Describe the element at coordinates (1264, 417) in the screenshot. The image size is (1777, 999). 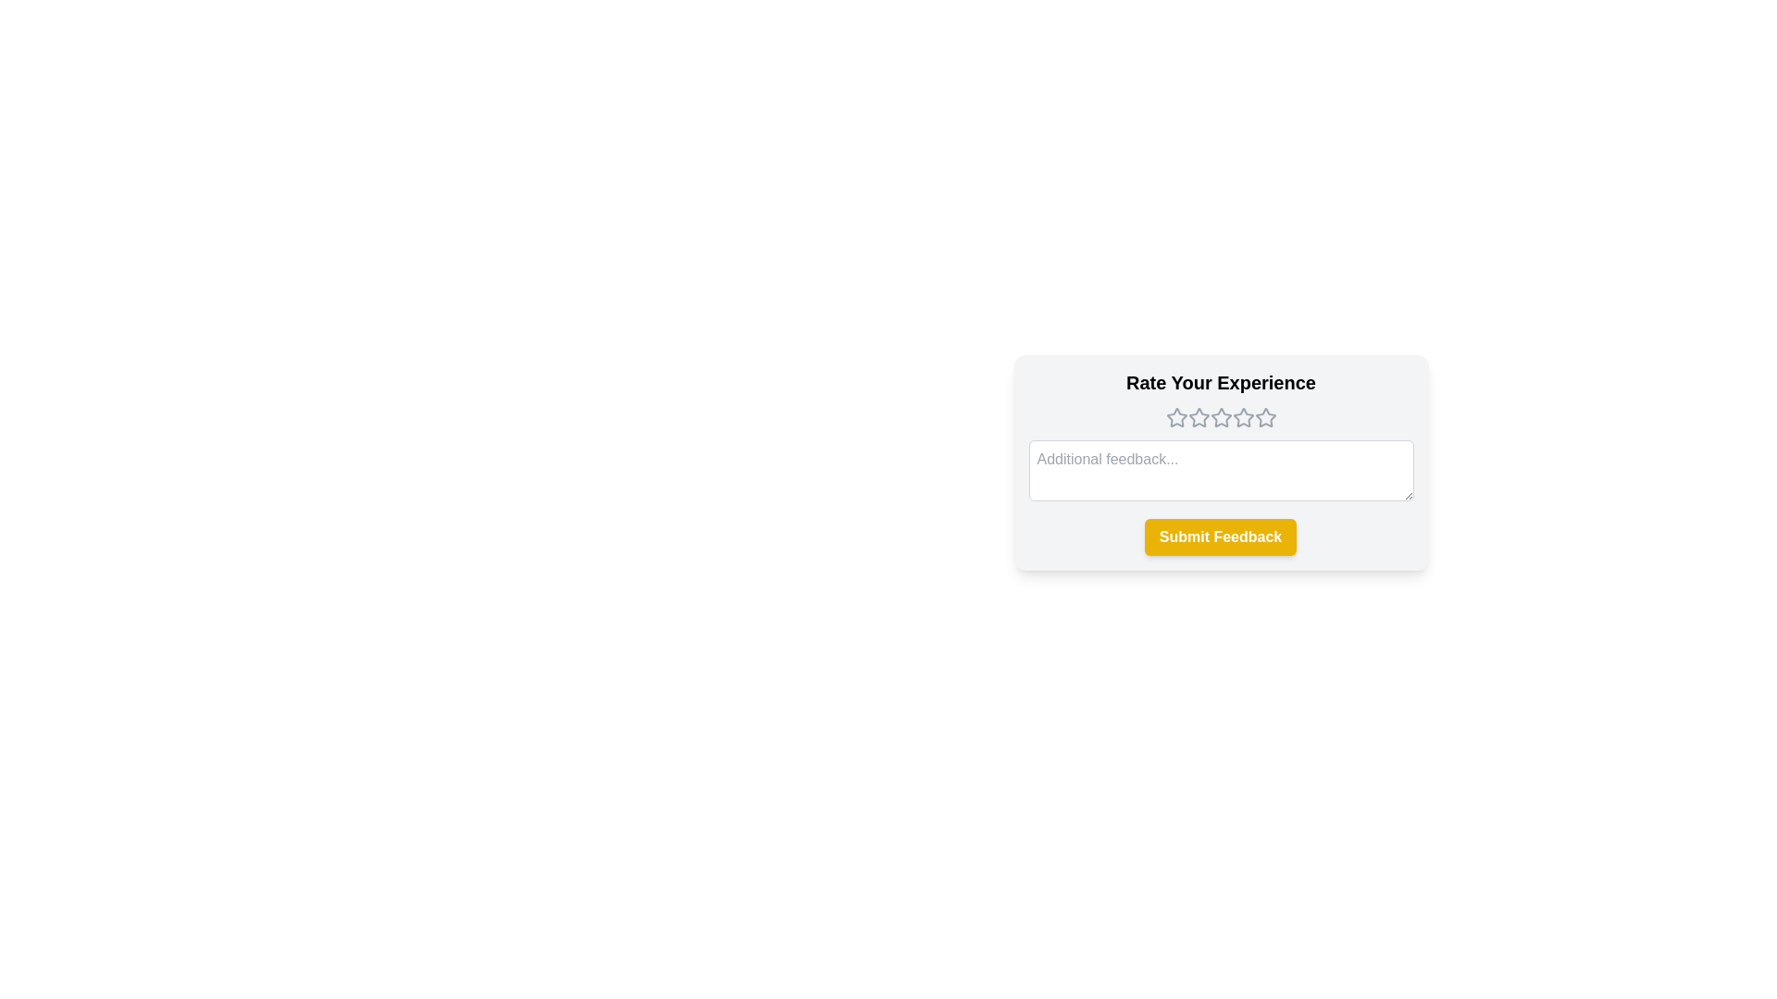
I see `the fifth star-shaped rating icon in the 'Rate Your Experience' section to observe its scaling effect` at that location.